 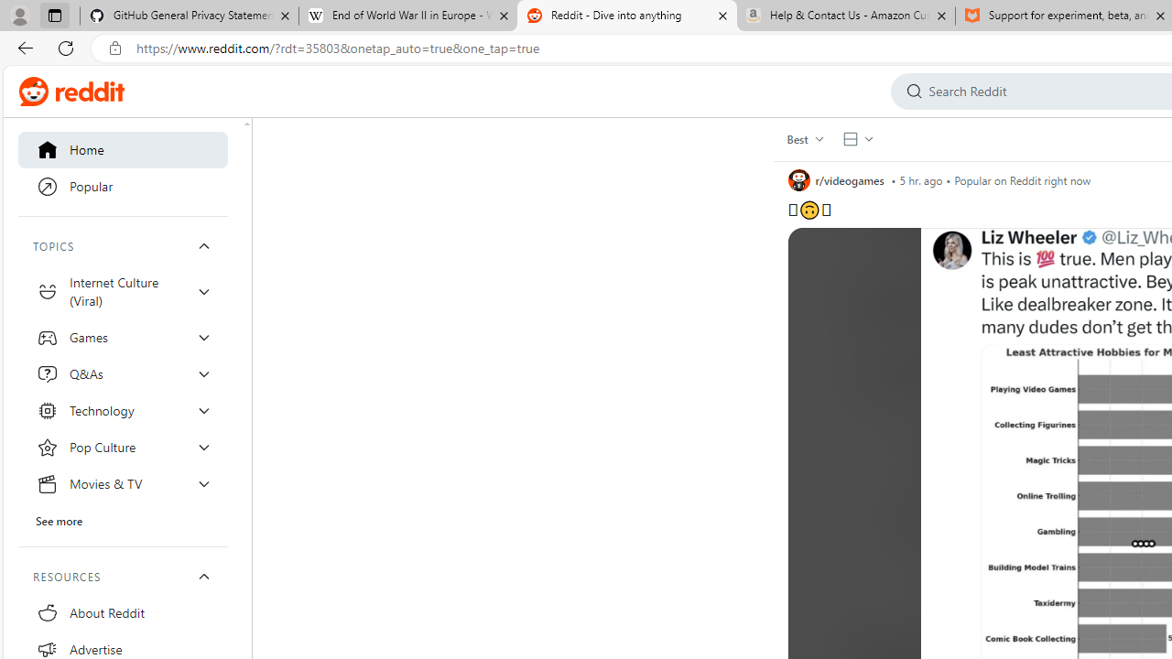 I want to click on 'About Reddit', so click(x=123, y=612).